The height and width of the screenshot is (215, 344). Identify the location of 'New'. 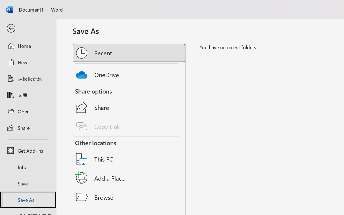
(28, 62).